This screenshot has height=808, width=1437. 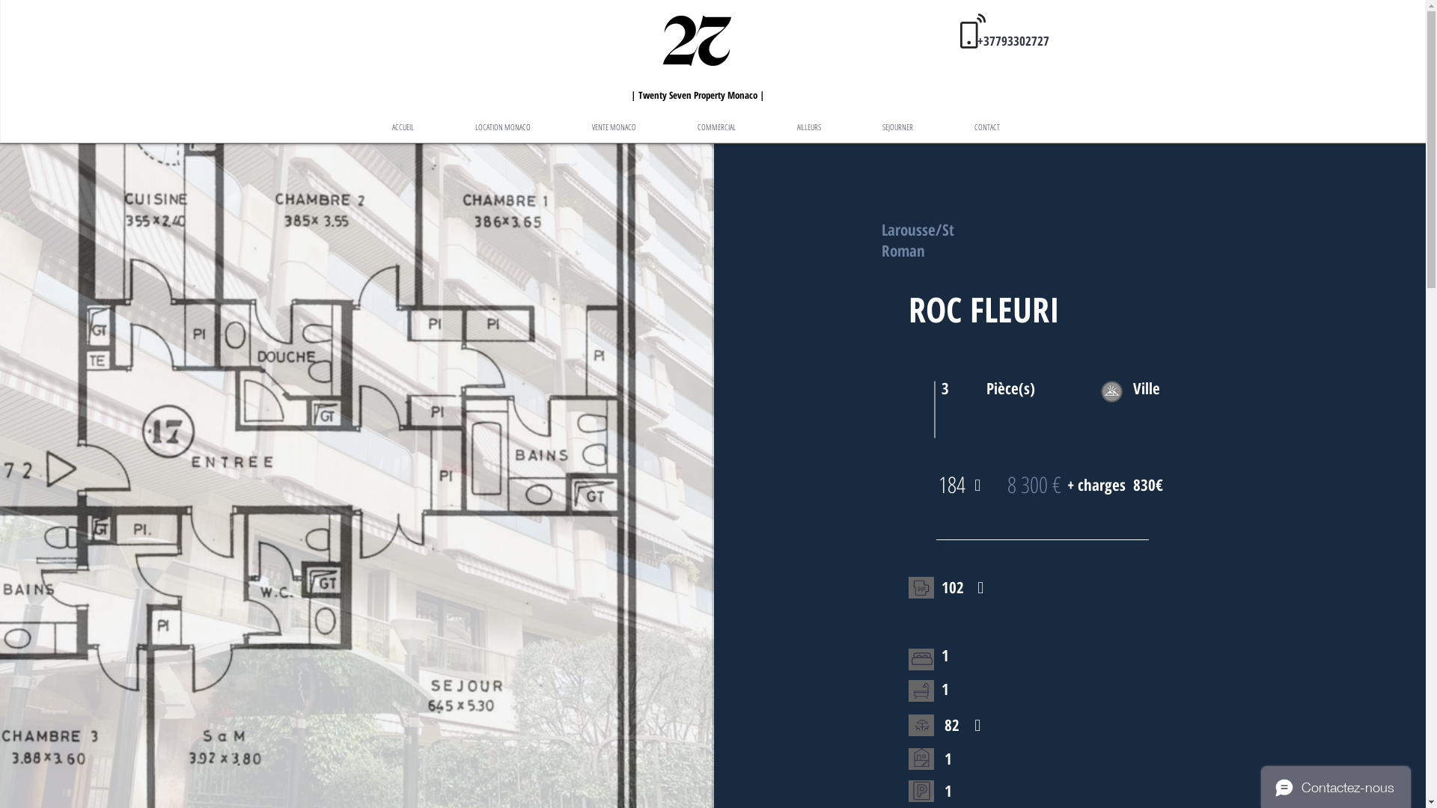 I want to click on 'AILLEURS', so click(x=808, y=126).